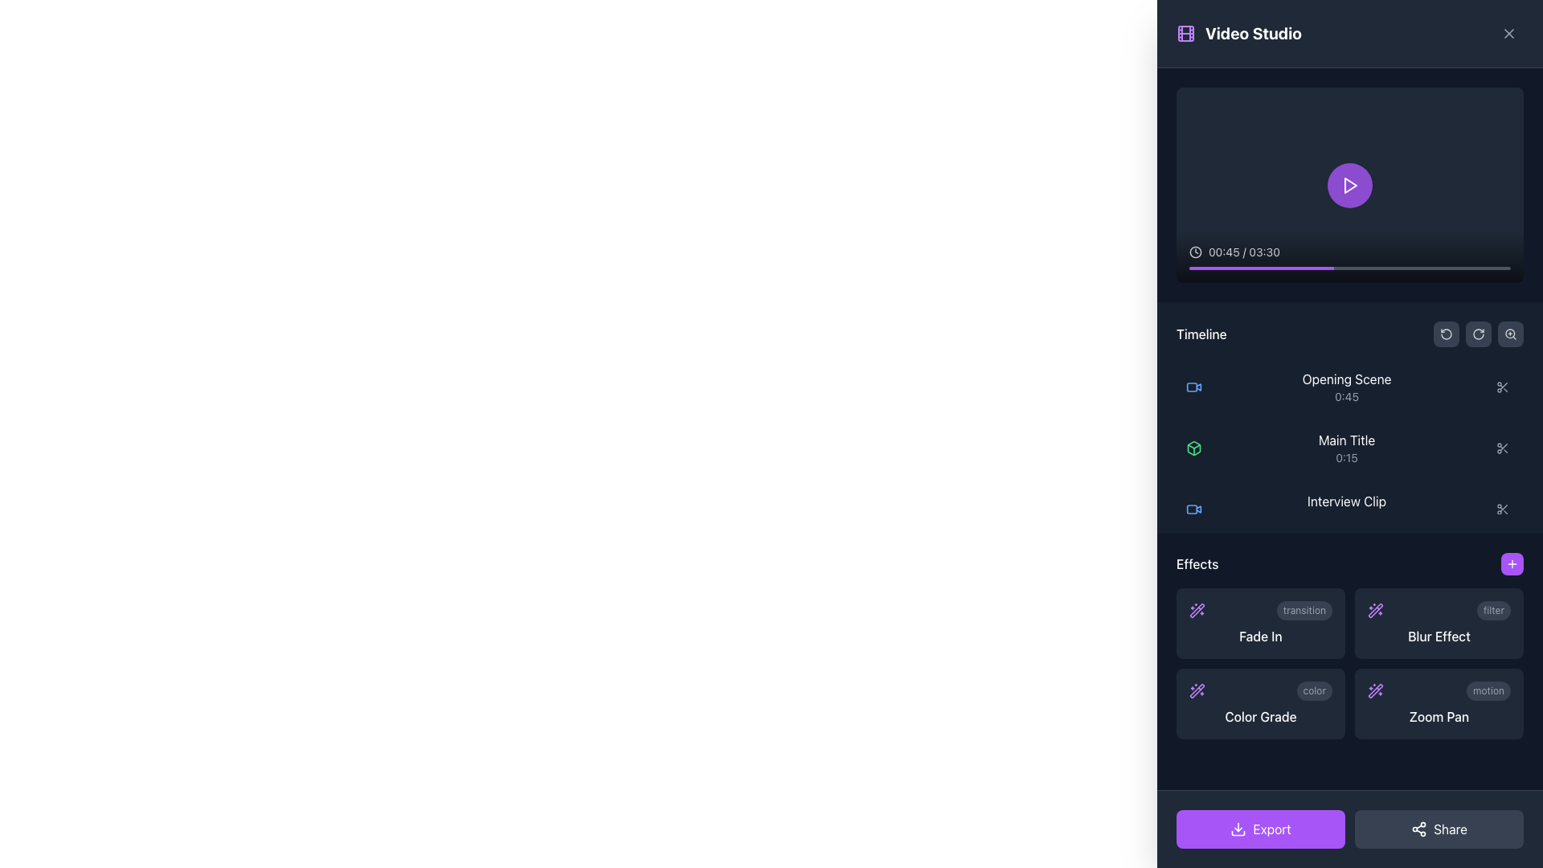 This screenshot has width=1543, height=868. Describe the element at coordinates (1238, 833) in the screenshot. I see `the bottom rectangle-shaped component of the download button icon, located in the bottom-right corner of the interface` at that location.